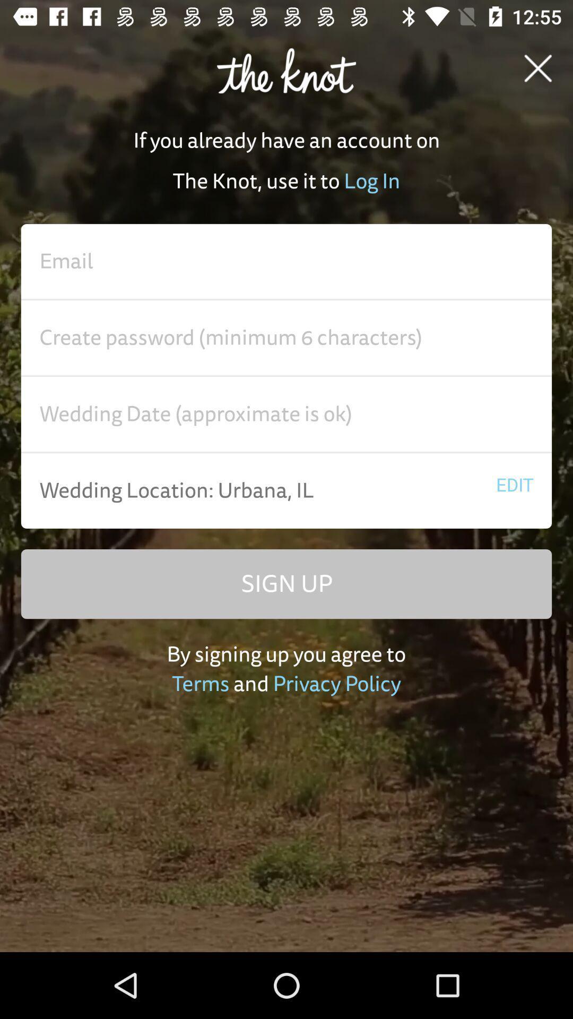  I want to click on advertisement, so click(286, 414).